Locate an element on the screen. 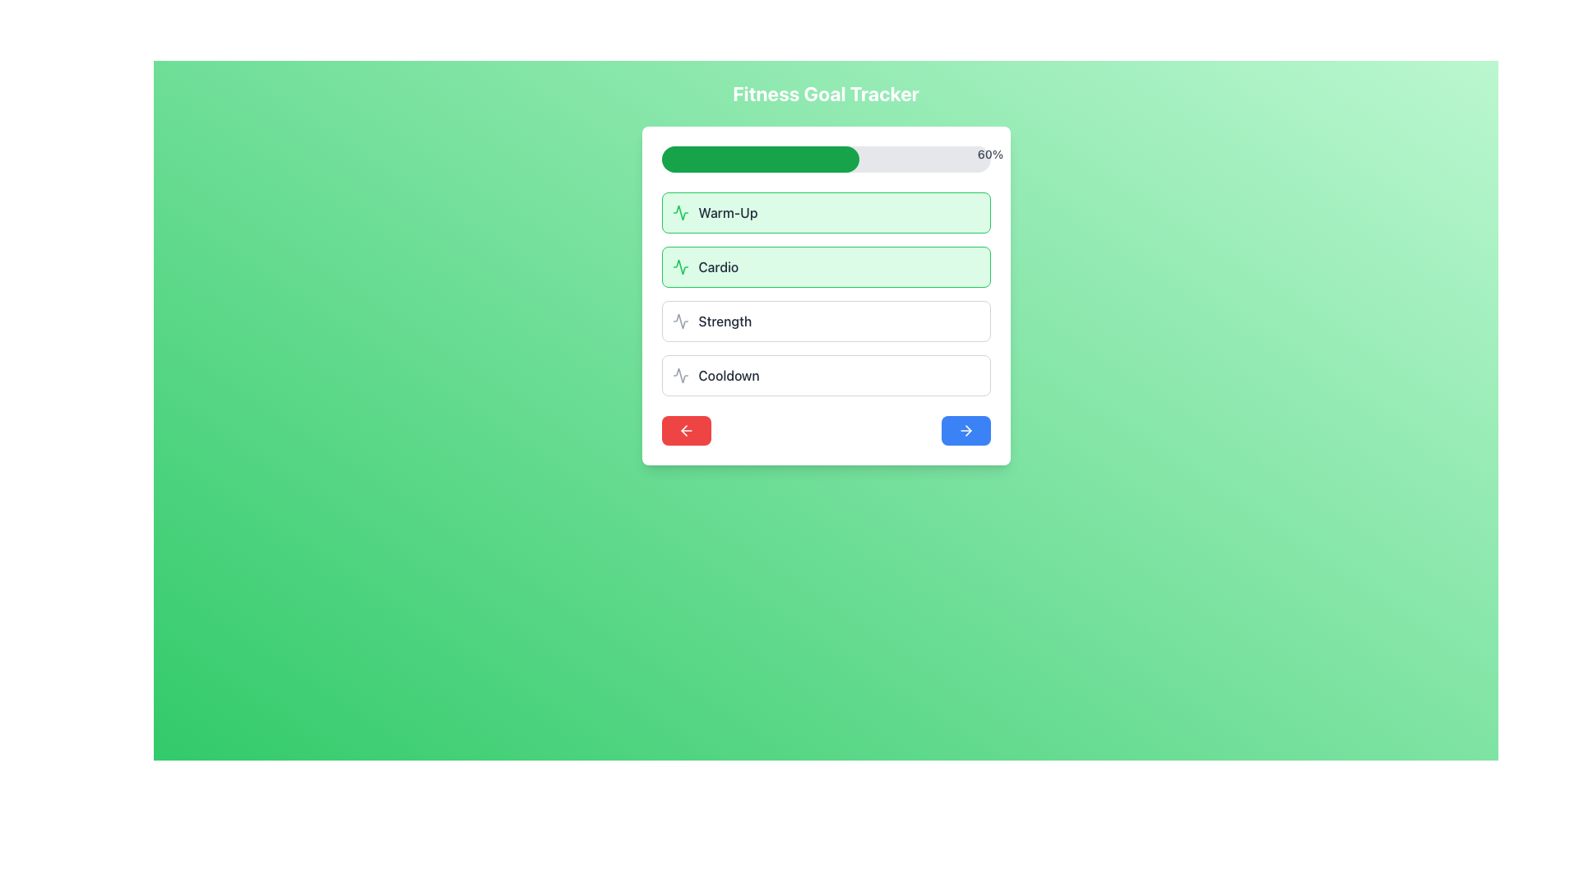  the 'Strength' text label, which is styled with medium font weight and dark gray color, located in the third option of a vertical list of four options in the centered card, directly beneath 'Cardio' and above 'Cooldown' is located at coordinates (724, 321).